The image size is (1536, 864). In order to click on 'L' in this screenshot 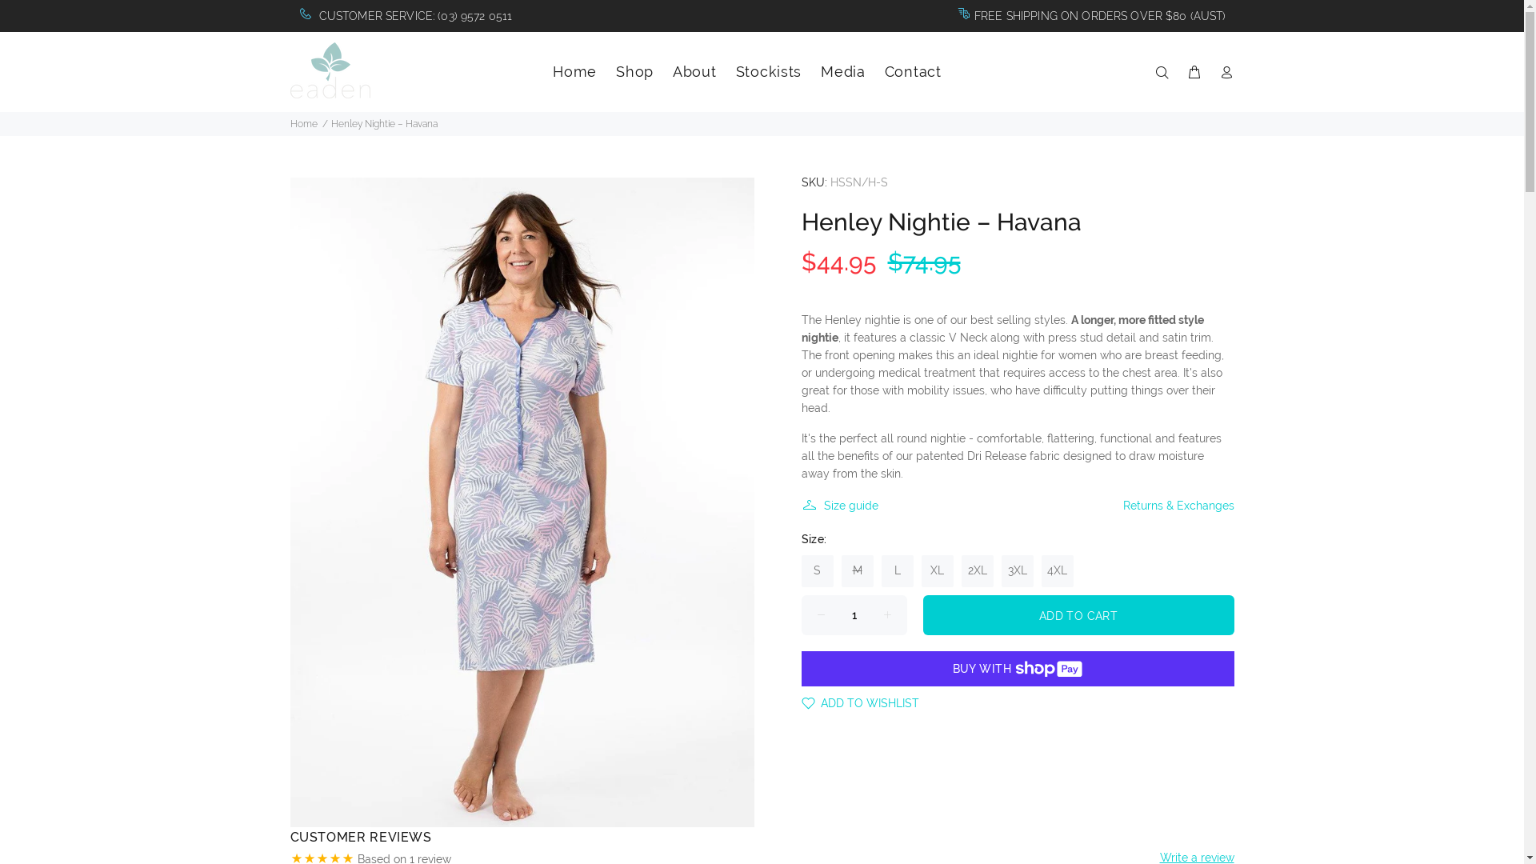, I will do `click(881, 570)`.